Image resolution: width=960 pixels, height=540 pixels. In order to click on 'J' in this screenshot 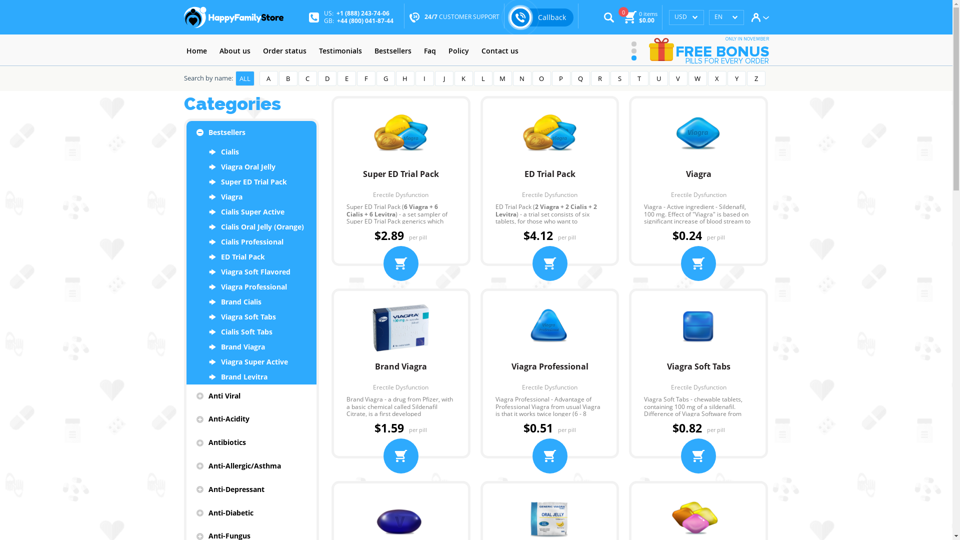, I will do `click(443, 78)`.